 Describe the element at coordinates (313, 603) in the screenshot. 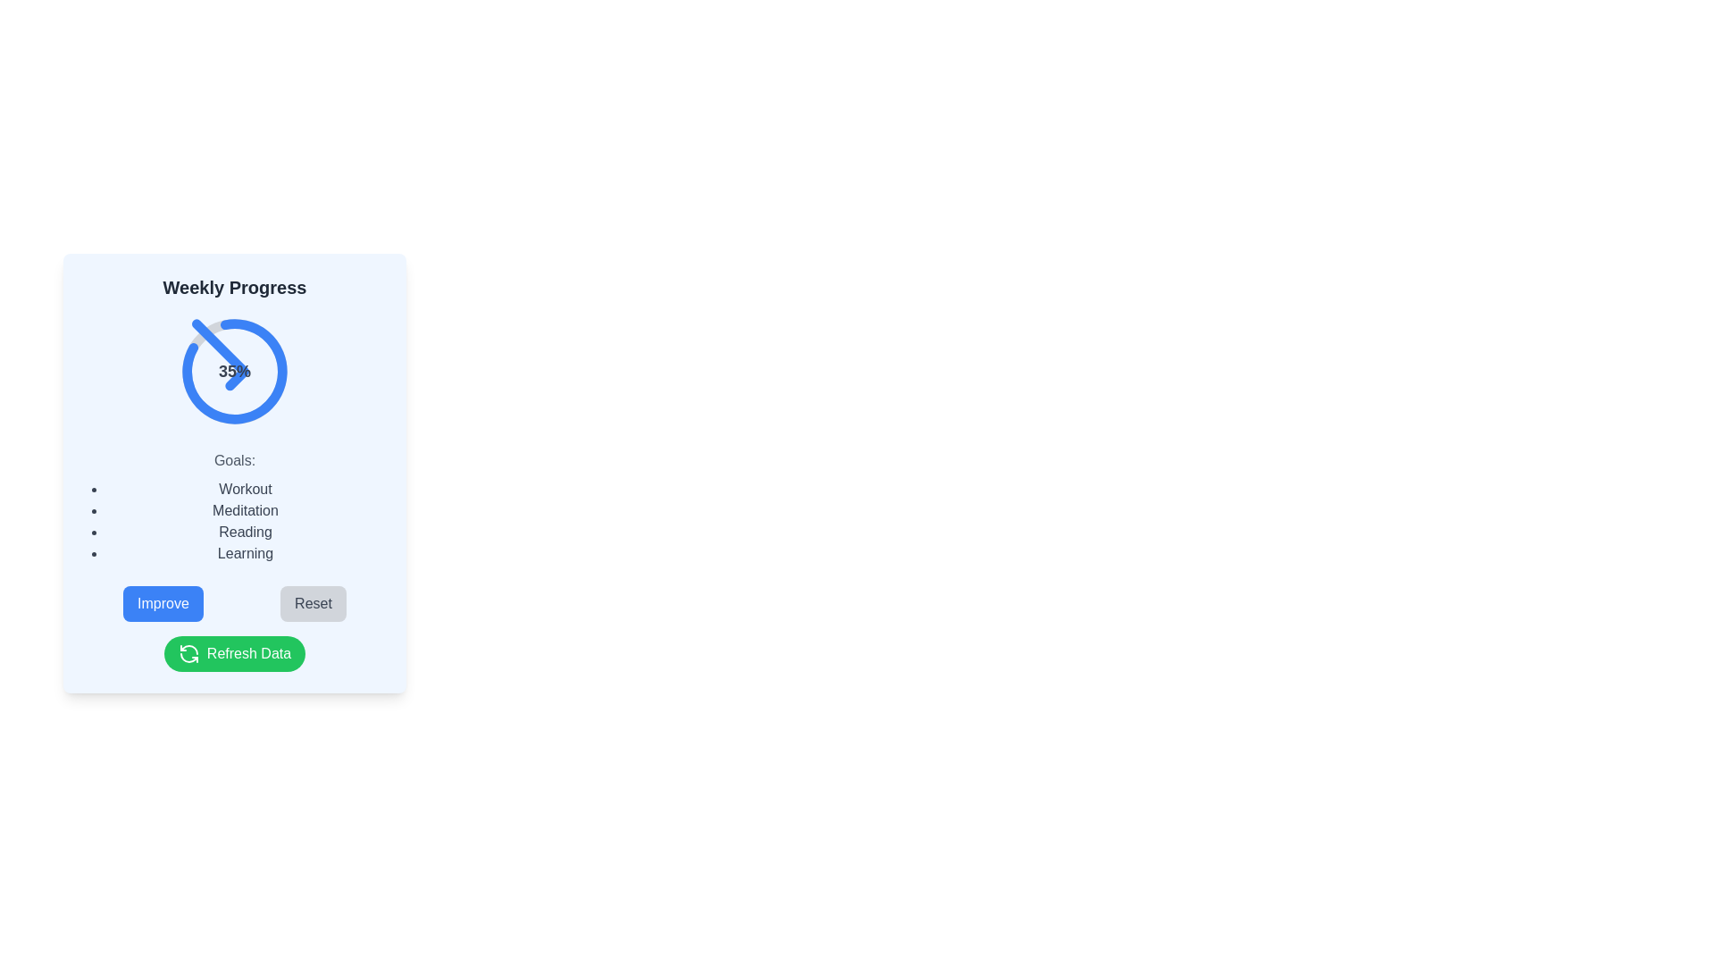

I see `the 'Reset' button, which is the second button in a group of two horizontally aligned buttons near the bottom of the panel, to observe the visual hover effect` at that location.